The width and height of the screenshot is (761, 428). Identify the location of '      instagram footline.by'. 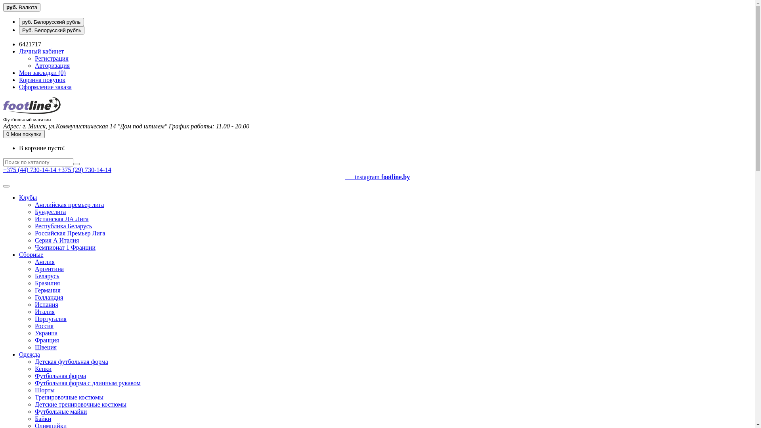
(377, 180).